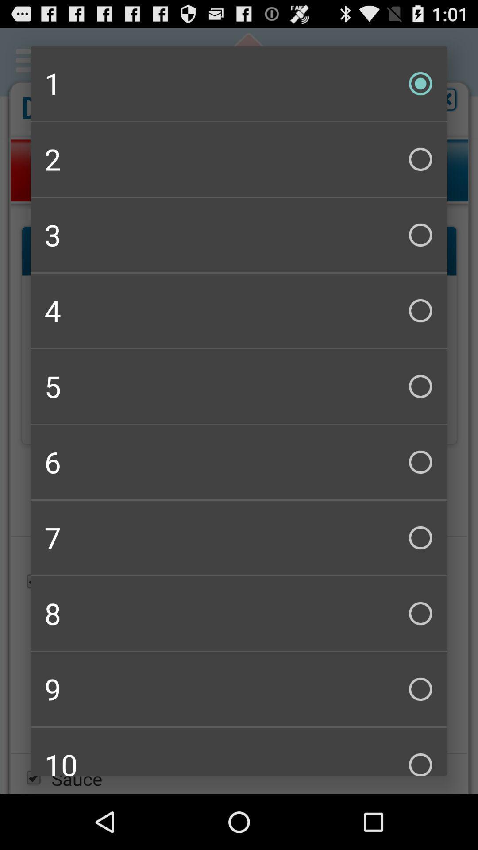 Image resolution: width=478 pixels, height=850 pixels. Describe the element at coordinates (239, 613) in the screenshot. I see `the checkbox above 9` at that location.